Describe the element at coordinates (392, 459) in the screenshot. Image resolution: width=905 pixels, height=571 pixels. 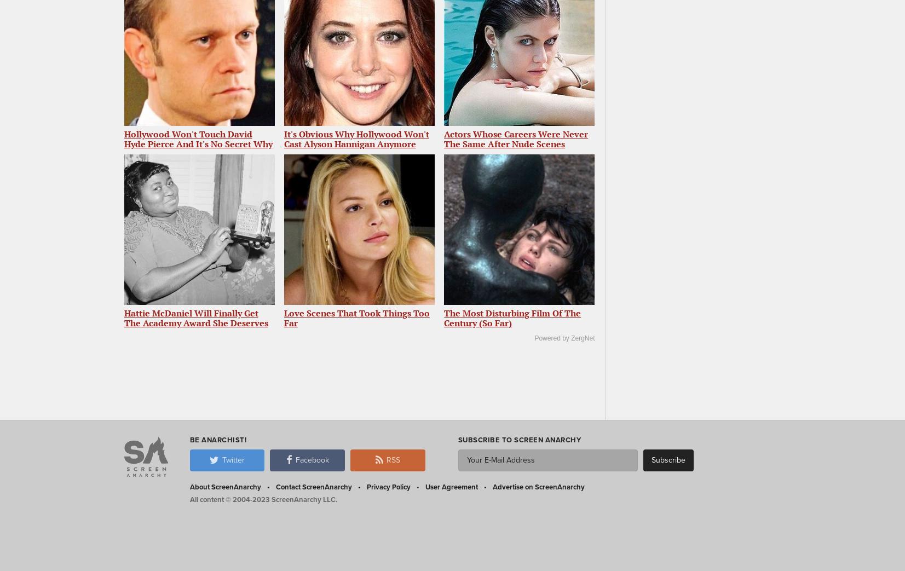
I see `'RSS'` at that location.